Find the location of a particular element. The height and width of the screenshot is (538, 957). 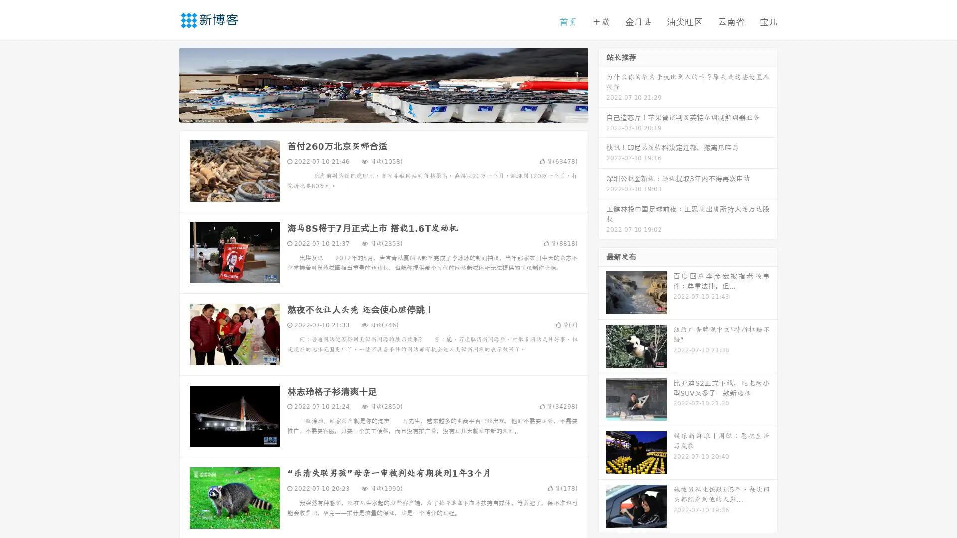

Next slide is located at coordinates (602, 84).